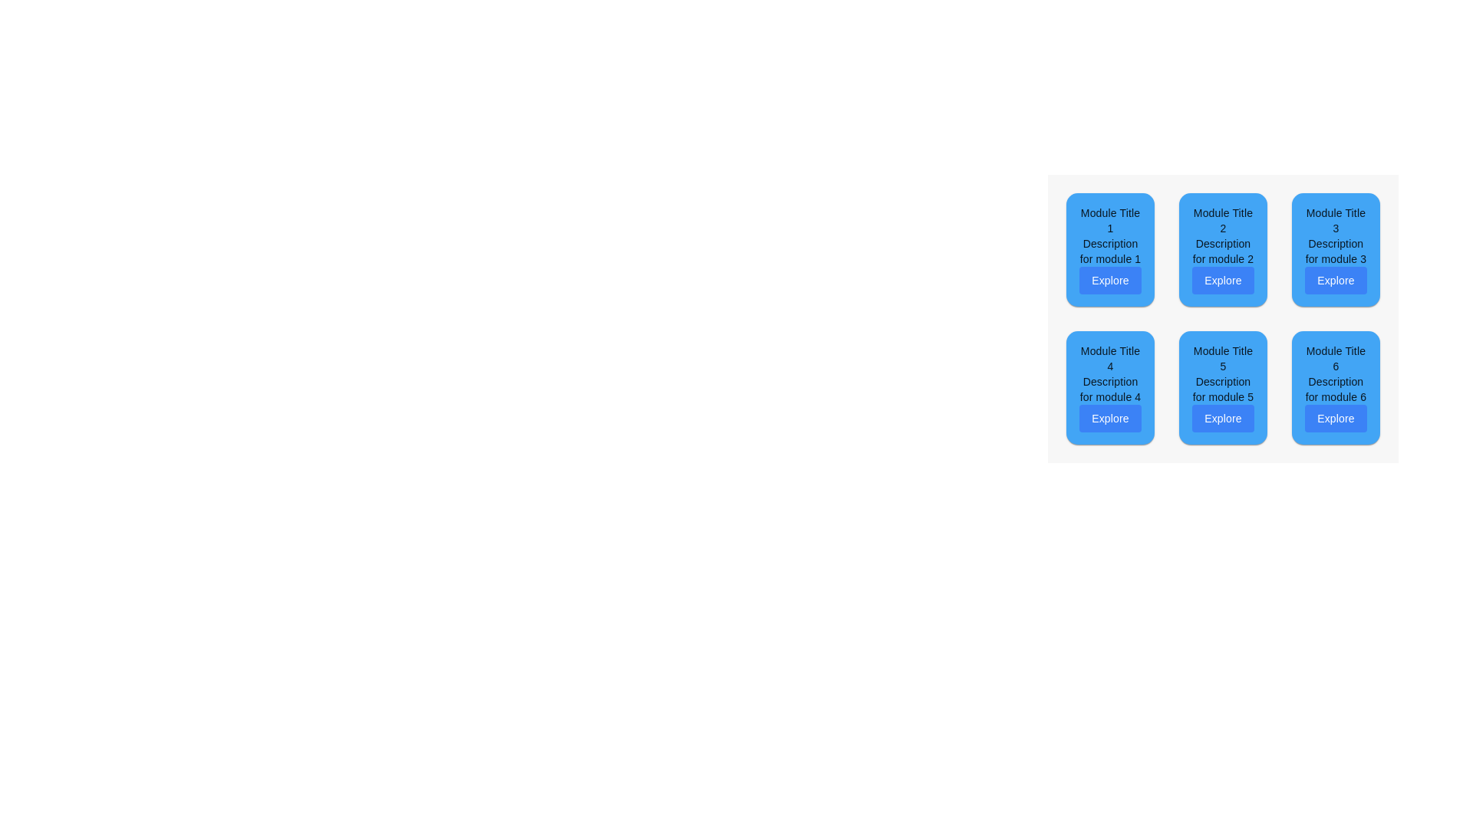  I want to click on the text providing a description of 'Module 5' located in the card titled 'Module Title 5', so click(1222, 389).